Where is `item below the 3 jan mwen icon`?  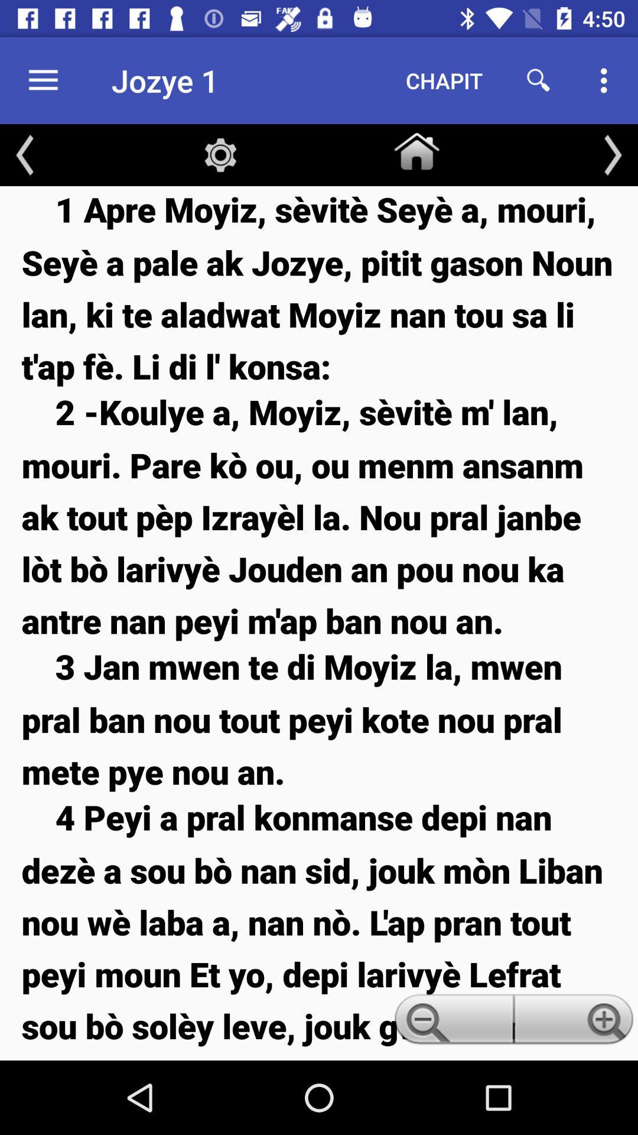
item below the 3 jan mwen icon is located at coordinates (451, 1022).